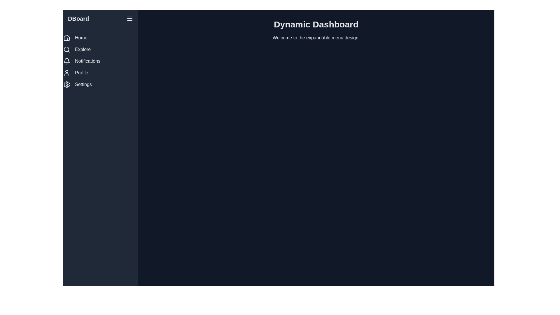 The height and width of the screenshot is (315, 560). Describe the element at coordinates (101, 49) in the screenshot. I see `the 'Explore' menu option, which is the second item in a vertical list of menu options` at that location.